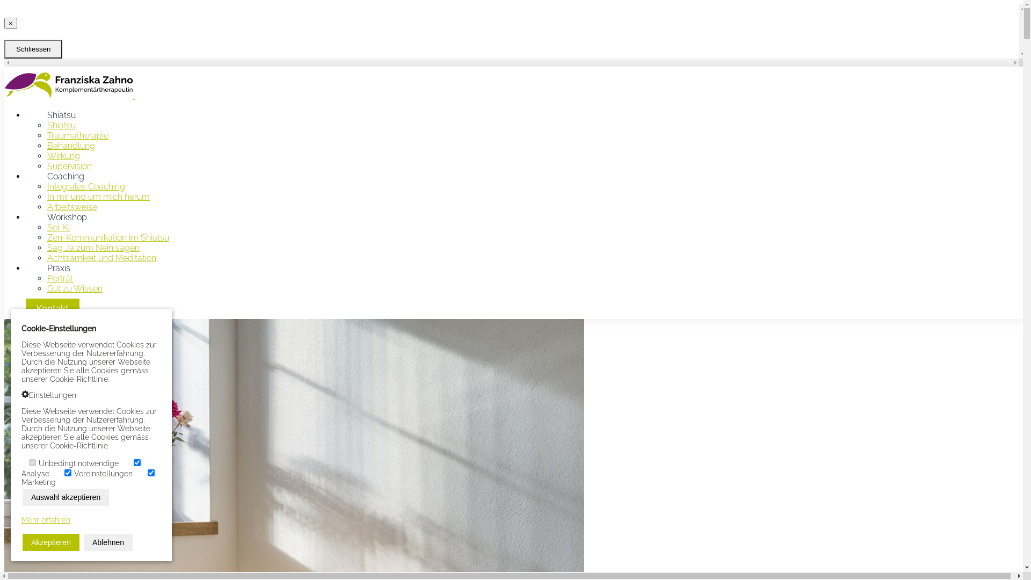 This screenshot has width=1031, height=580. Describe the element at coordinates (26, 115) in the screenshot. I see `'Shiatsu'` at that location.